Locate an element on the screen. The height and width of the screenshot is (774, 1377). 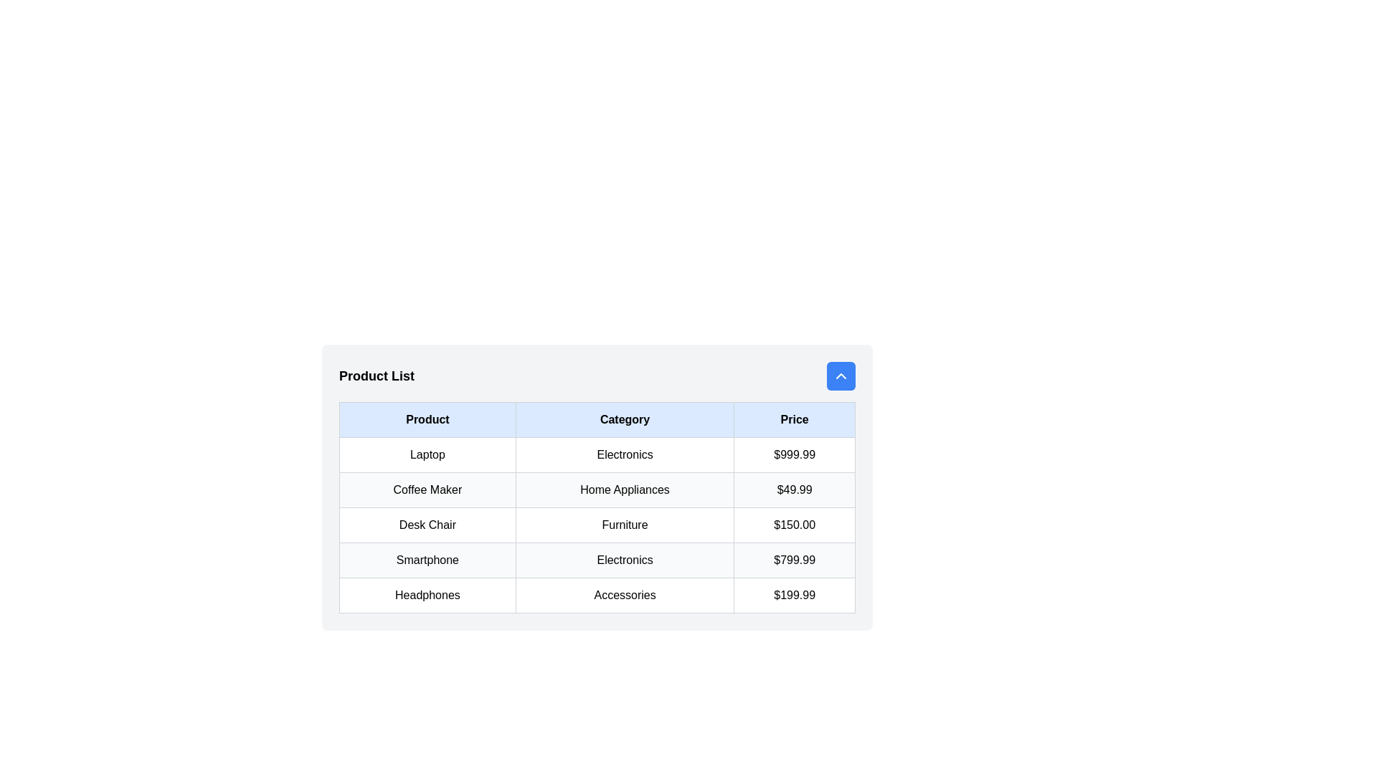
the text label displaying 'Smartphone', which is located in the first column of the row labeled 'Smartphone Electronics $799.99' in the fourth row of the table is located at coordinates (427, 560).